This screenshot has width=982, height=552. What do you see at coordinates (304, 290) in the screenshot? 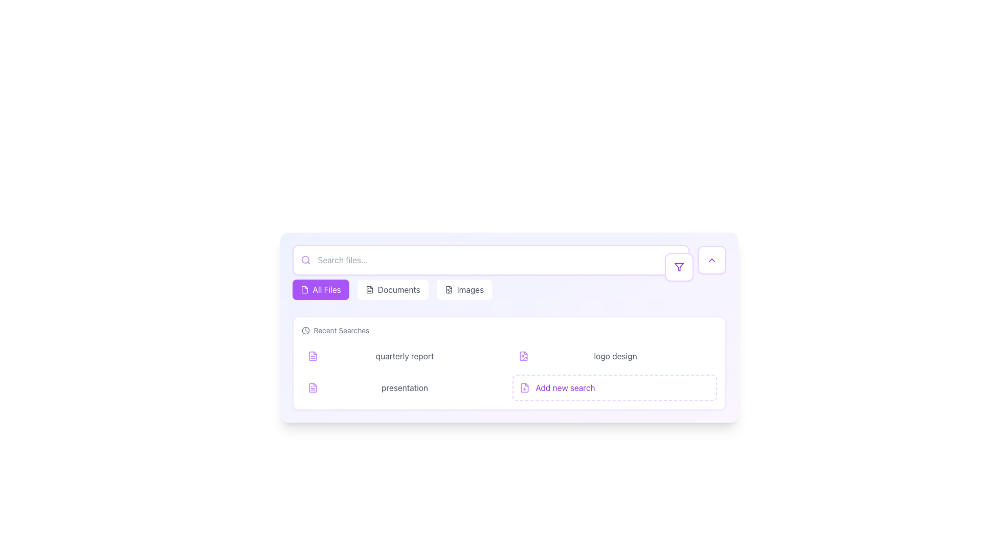
I see `the minimalistic file icon located at the leftmost edge of the navigation bar, next to the 'All Files' category text` at bounding box center [304, 290].